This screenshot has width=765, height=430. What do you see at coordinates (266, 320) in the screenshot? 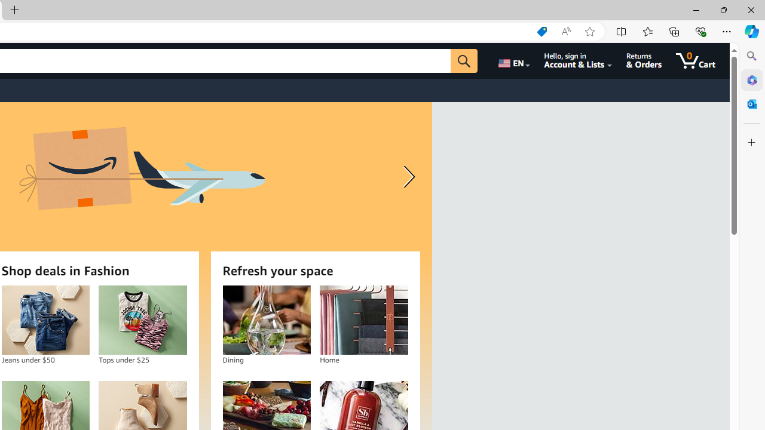
I see `'Dining'` at bounding box center [266, 320].